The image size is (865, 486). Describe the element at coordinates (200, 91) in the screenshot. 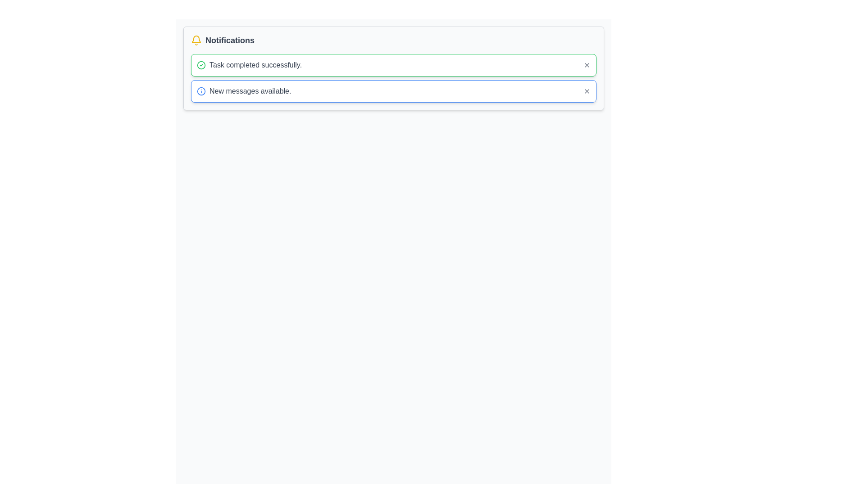

I see `the circular graphical component that serves as the base layer of the information or alert icon, located in the upper right corner of the notification card` at that location.